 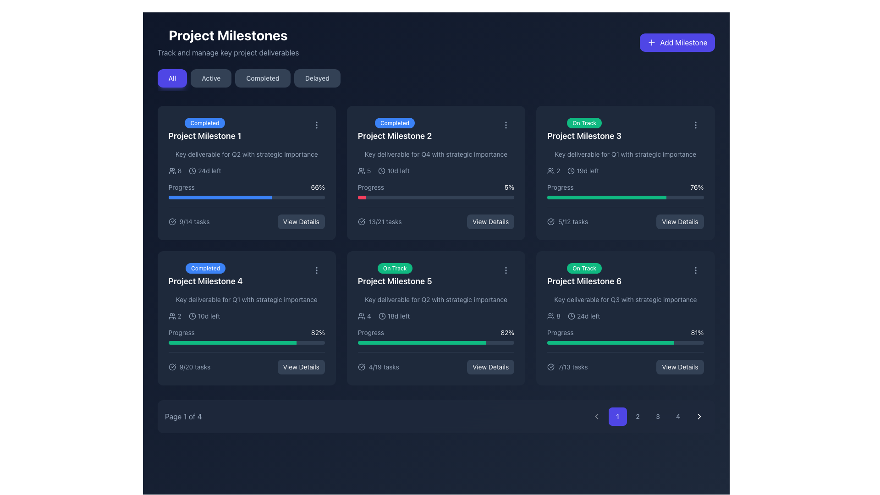 I want to click on the icon consisting of three vertically aligned dots, styled with a light gray color, located at the top right corner within the card labeled 'Project Milestone 5', so click(x=506, y=270).